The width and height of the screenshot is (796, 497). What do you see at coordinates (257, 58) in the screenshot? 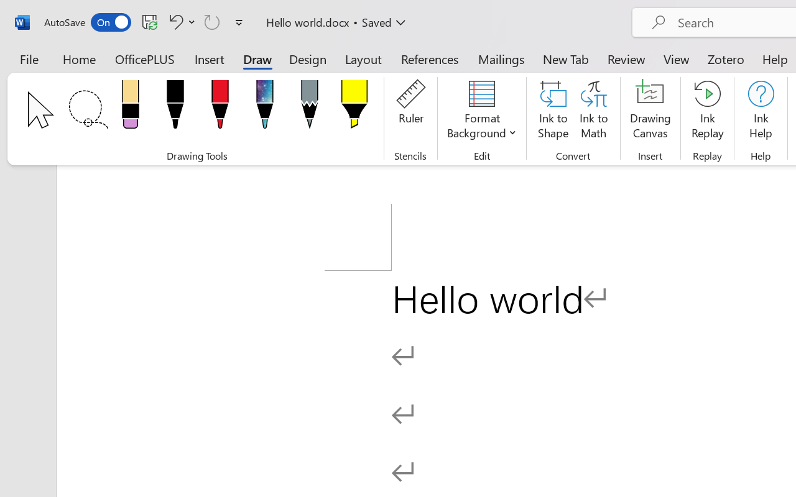
I see `'Draw'` at bounding box center [257, 58].